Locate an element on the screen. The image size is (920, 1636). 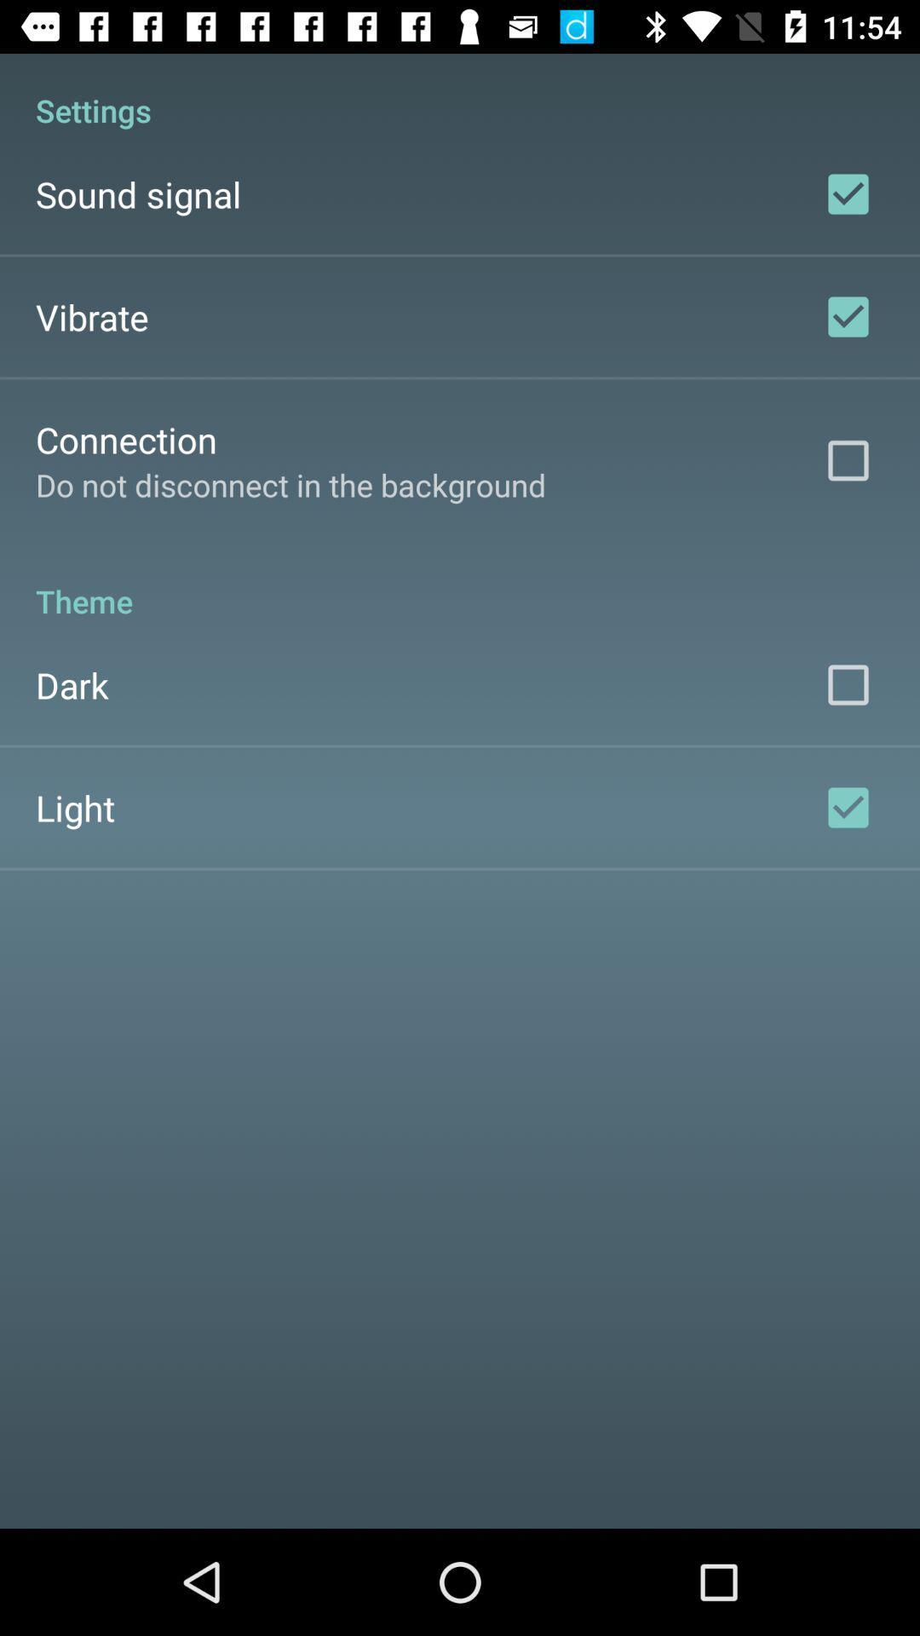
do not disconnect is located at coordinates (290, 484).